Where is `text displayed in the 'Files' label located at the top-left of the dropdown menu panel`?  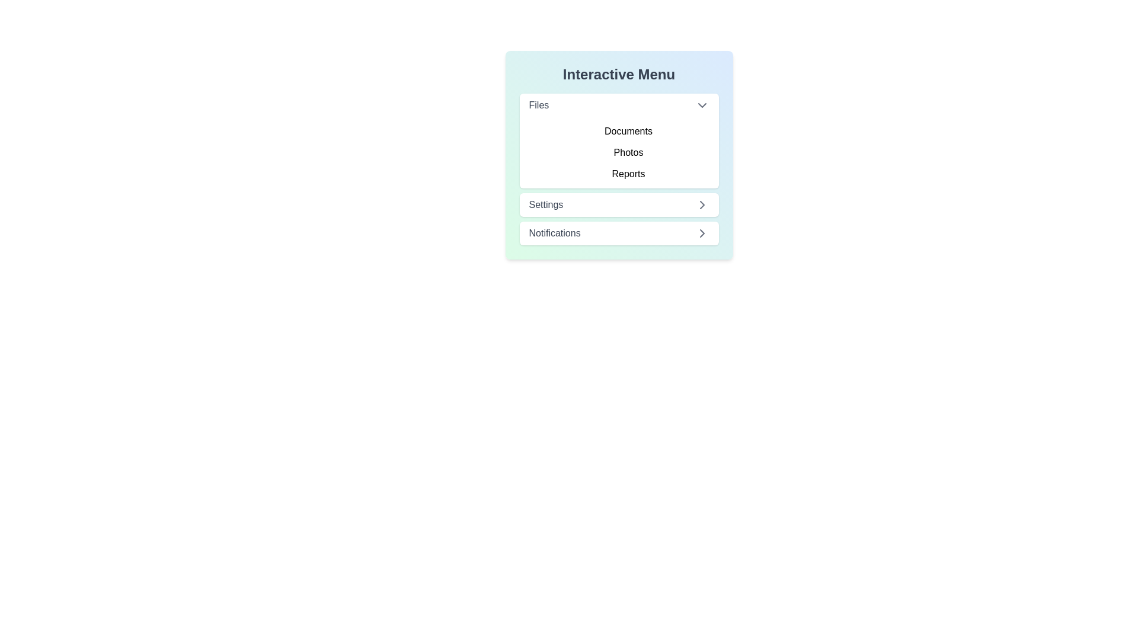 text displayed in the 'Files' label located at the top-left of the dropdown menu panel is located at coordinates (538, 104).